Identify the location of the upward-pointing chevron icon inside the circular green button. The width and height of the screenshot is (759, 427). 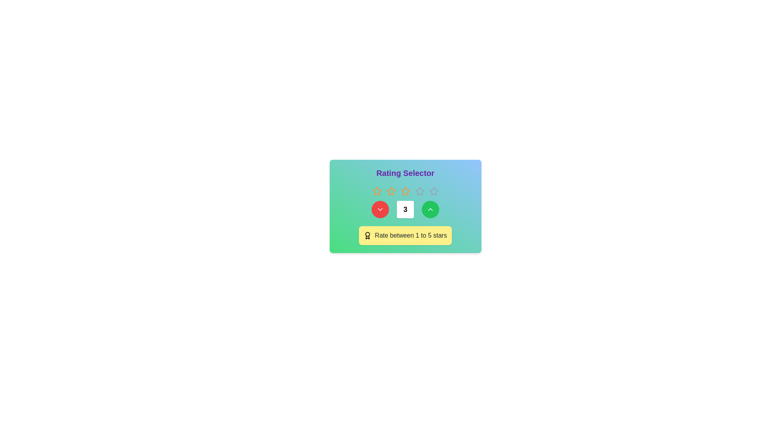
(430, 209).